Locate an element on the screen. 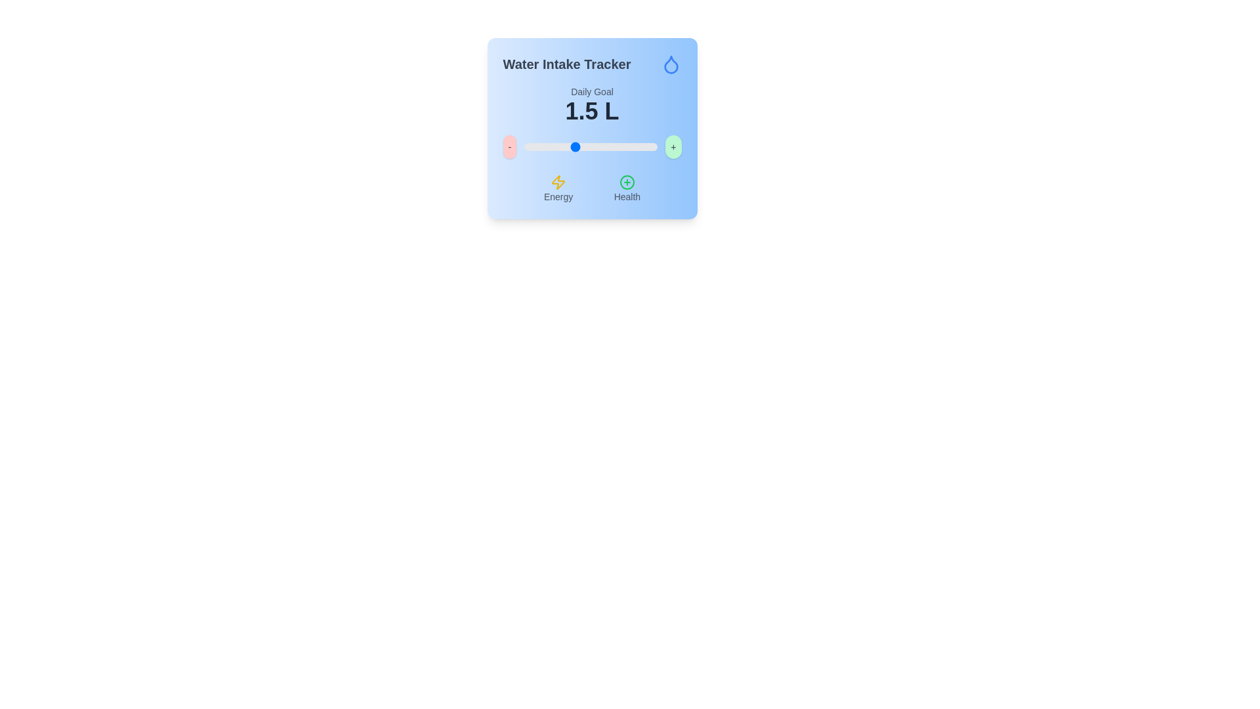  the circular outline with a green stroke located at the center of the SVG element is located at coordinates (626, 182).